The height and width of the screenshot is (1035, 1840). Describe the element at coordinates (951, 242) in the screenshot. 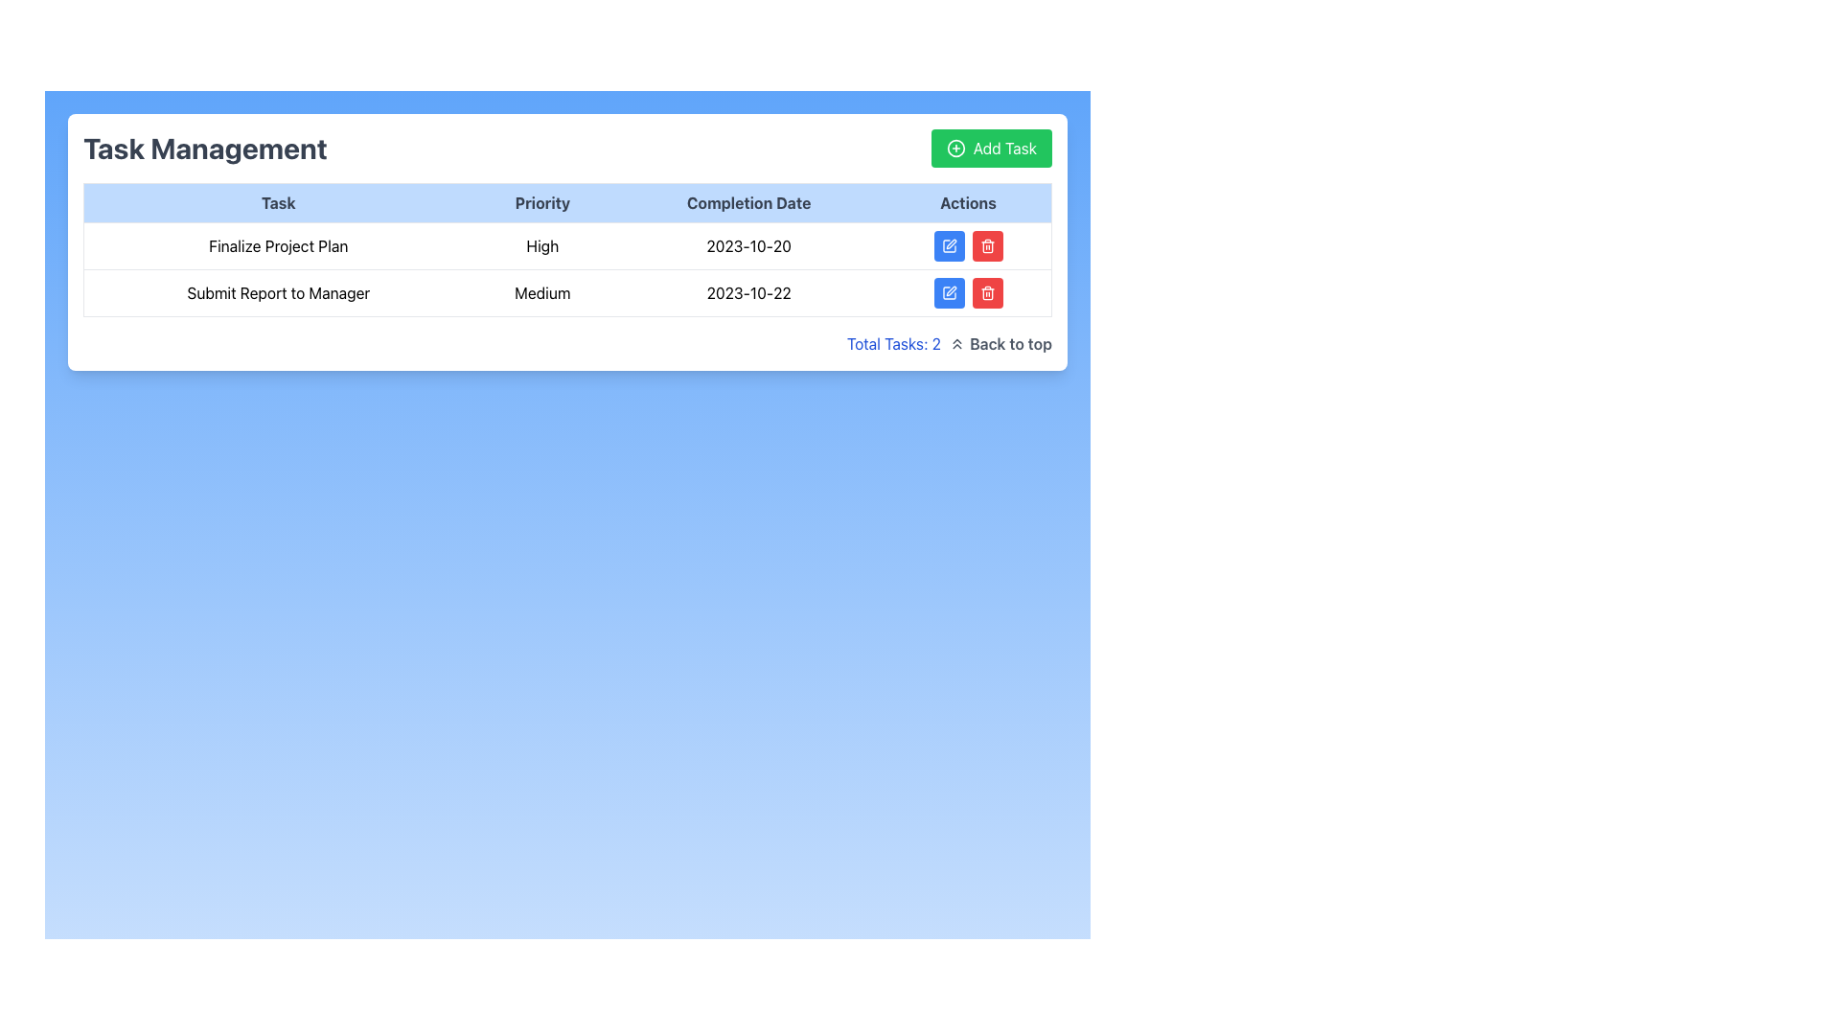

I see `the edit icon located in the 'Actions' column of the second row in the 'Task Management' section` at that location.